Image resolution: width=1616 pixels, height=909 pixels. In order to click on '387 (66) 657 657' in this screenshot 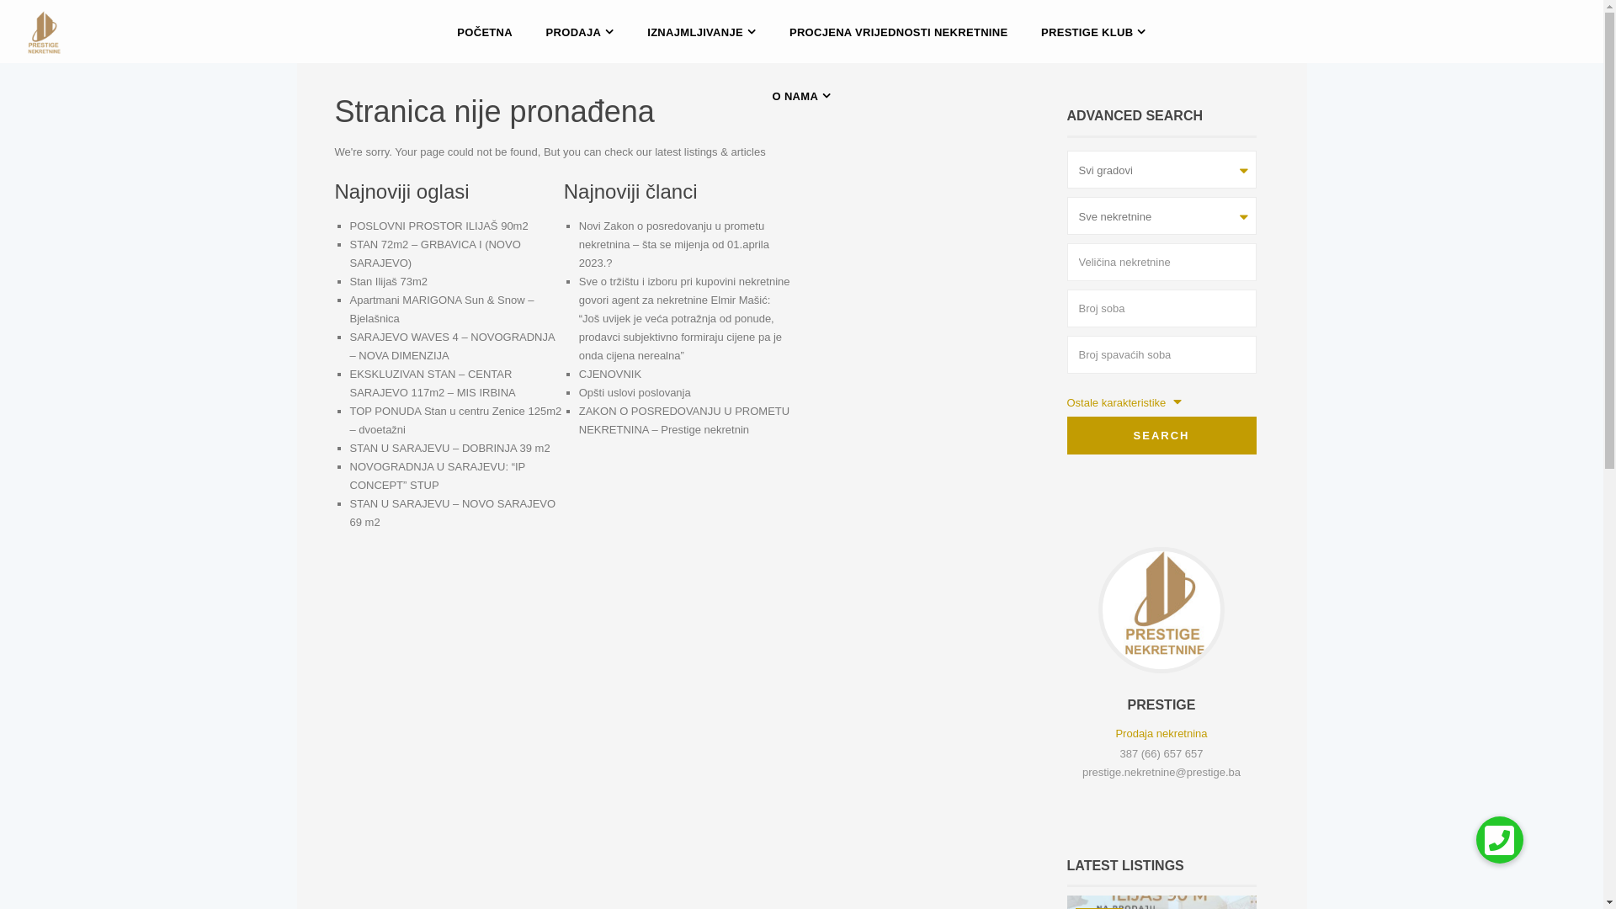, I will do `click(1119, 752)`.